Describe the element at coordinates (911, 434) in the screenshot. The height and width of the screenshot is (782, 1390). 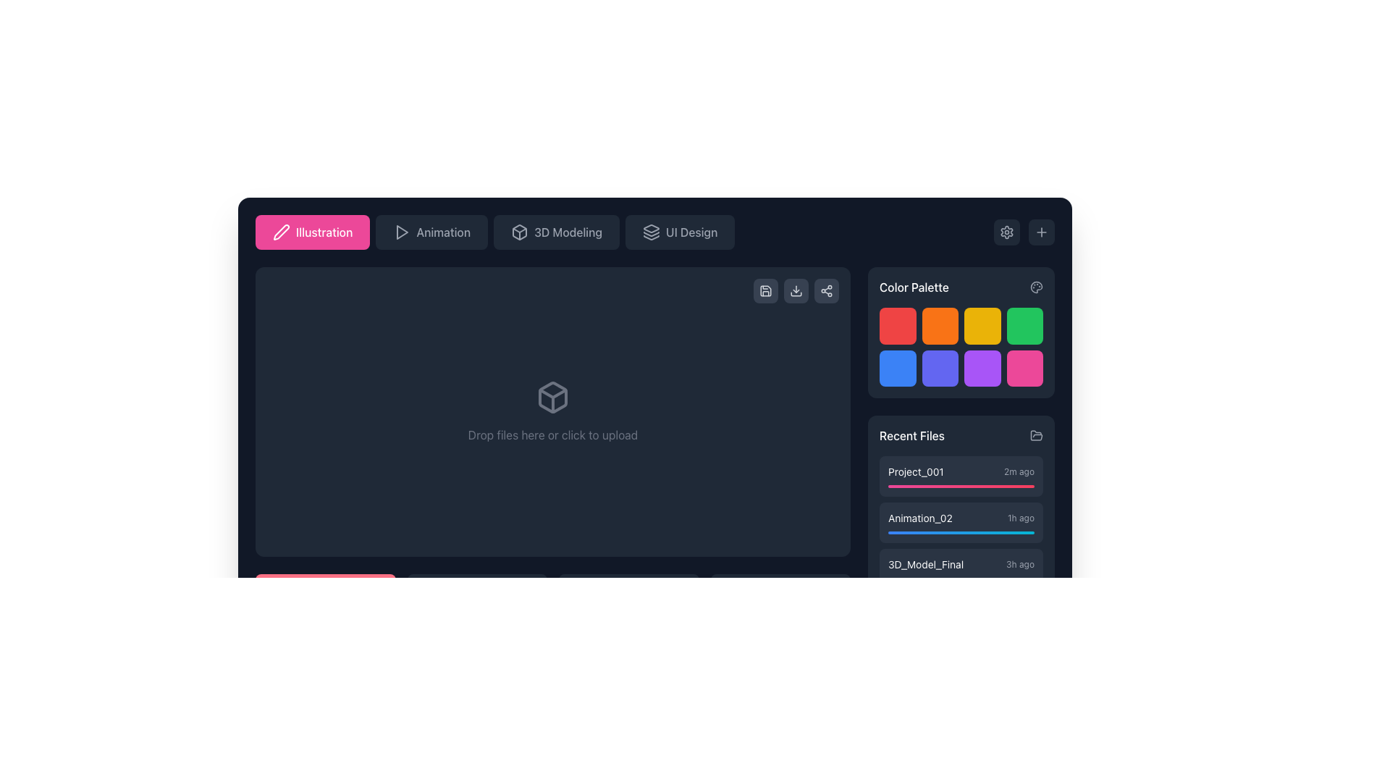
I see `the 'Recent Files' text label which is displayed in white font within a dark-themed user interface, serving as a header for file listings` at that location.